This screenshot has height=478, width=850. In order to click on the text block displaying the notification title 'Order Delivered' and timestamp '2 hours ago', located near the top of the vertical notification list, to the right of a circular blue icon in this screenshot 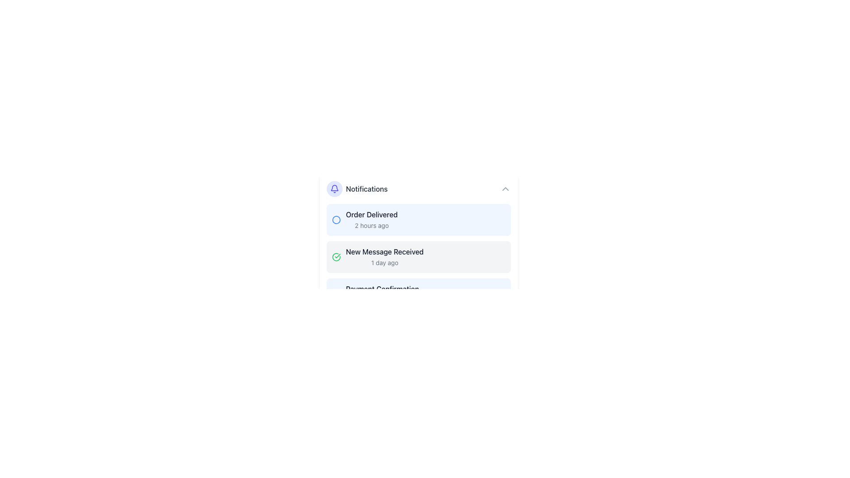, I will do `click(371, 220)`.